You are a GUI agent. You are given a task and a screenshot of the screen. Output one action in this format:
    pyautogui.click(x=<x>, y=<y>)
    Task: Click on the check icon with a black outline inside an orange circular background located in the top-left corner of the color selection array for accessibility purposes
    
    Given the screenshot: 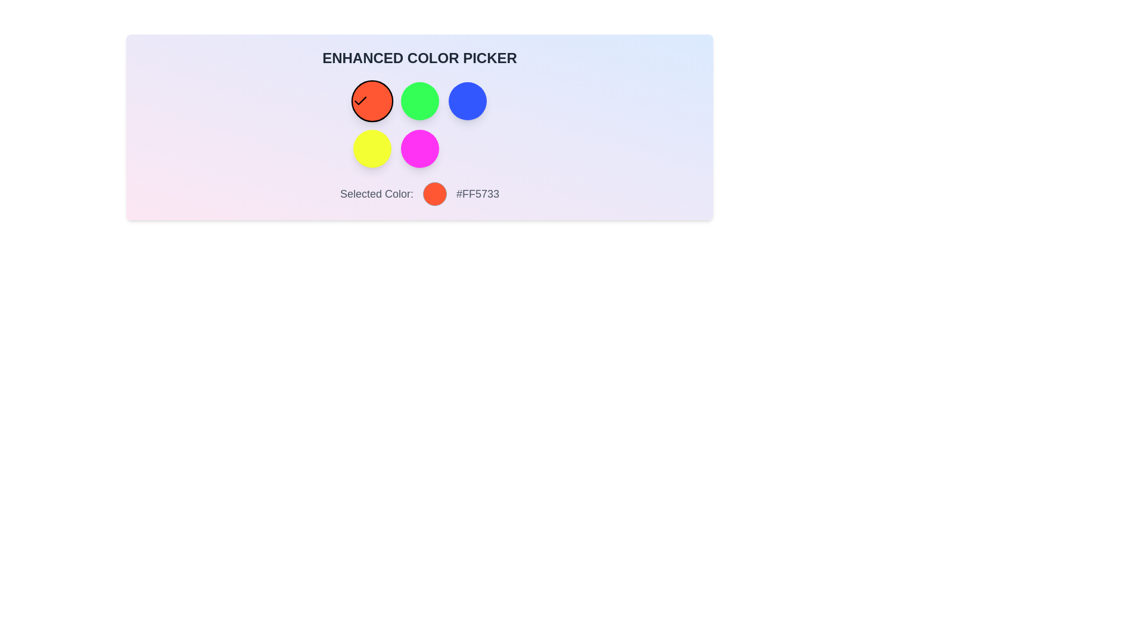 What is the action you would take?
    pyautogui.click(x=359, y=100)
    